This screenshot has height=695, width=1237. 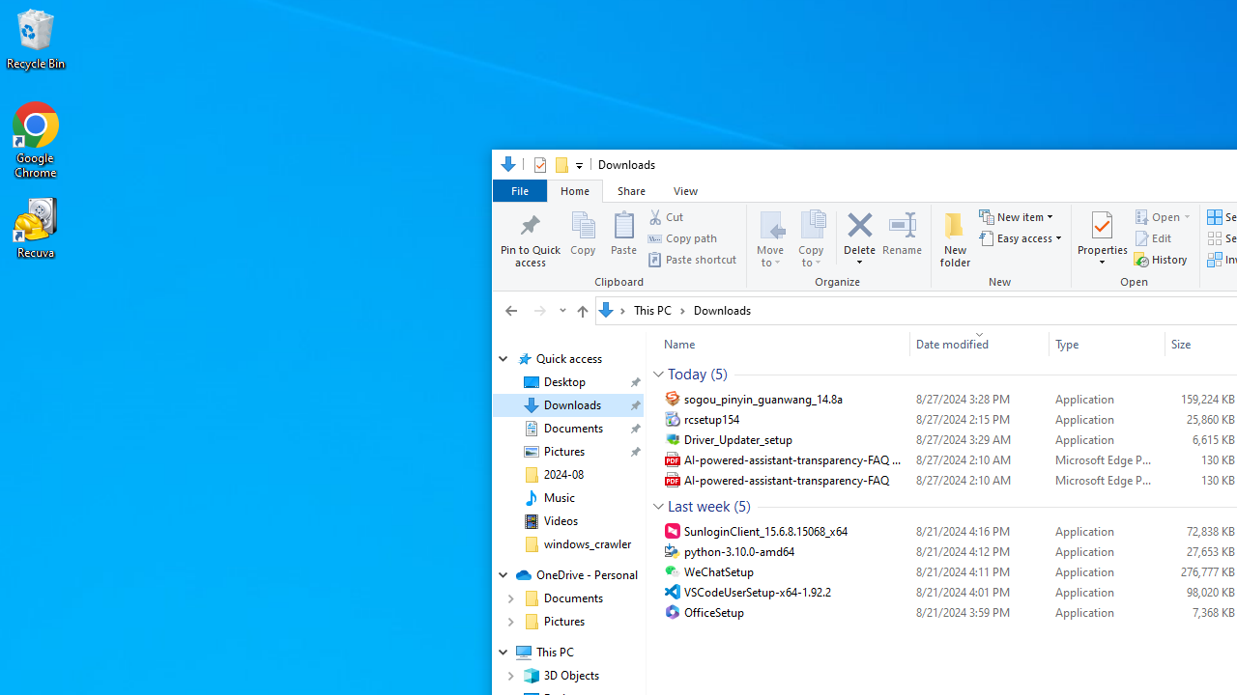 I want to click on 'Paste shortcut', so click(x=692, y=258).